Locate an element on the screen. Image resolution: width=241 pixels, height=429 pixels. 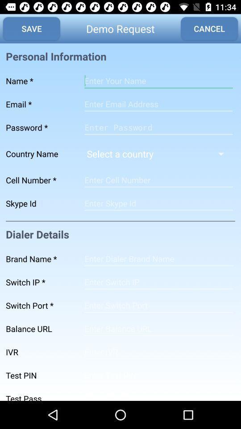
address page is located at coordinates (158, 328).